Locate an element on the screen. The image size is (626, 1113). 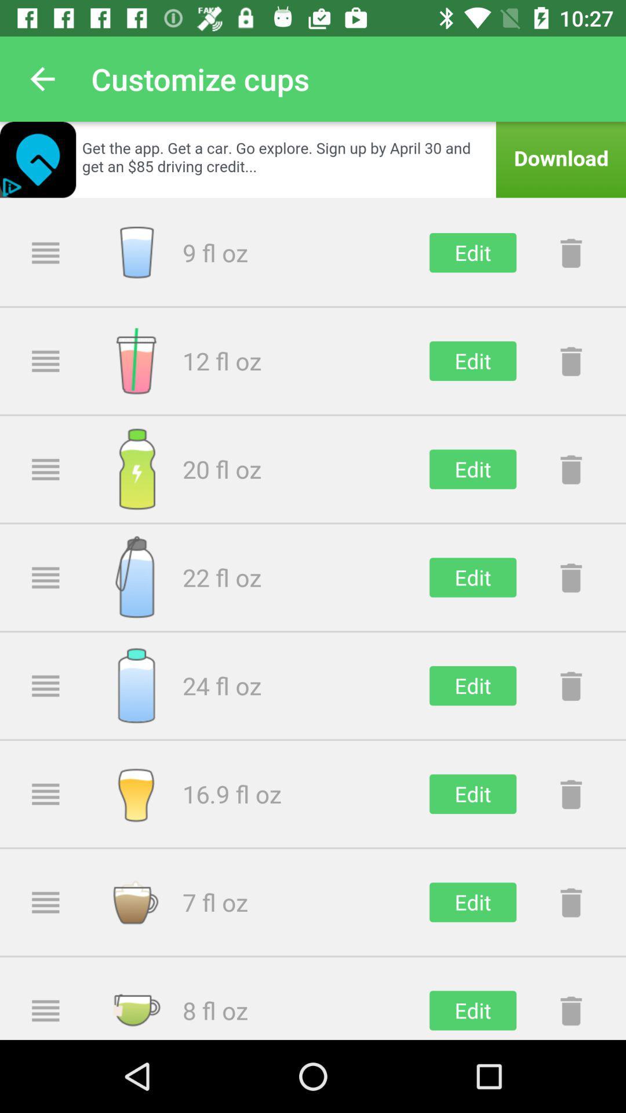
open the advertisement is located at coordinates (313, 159).